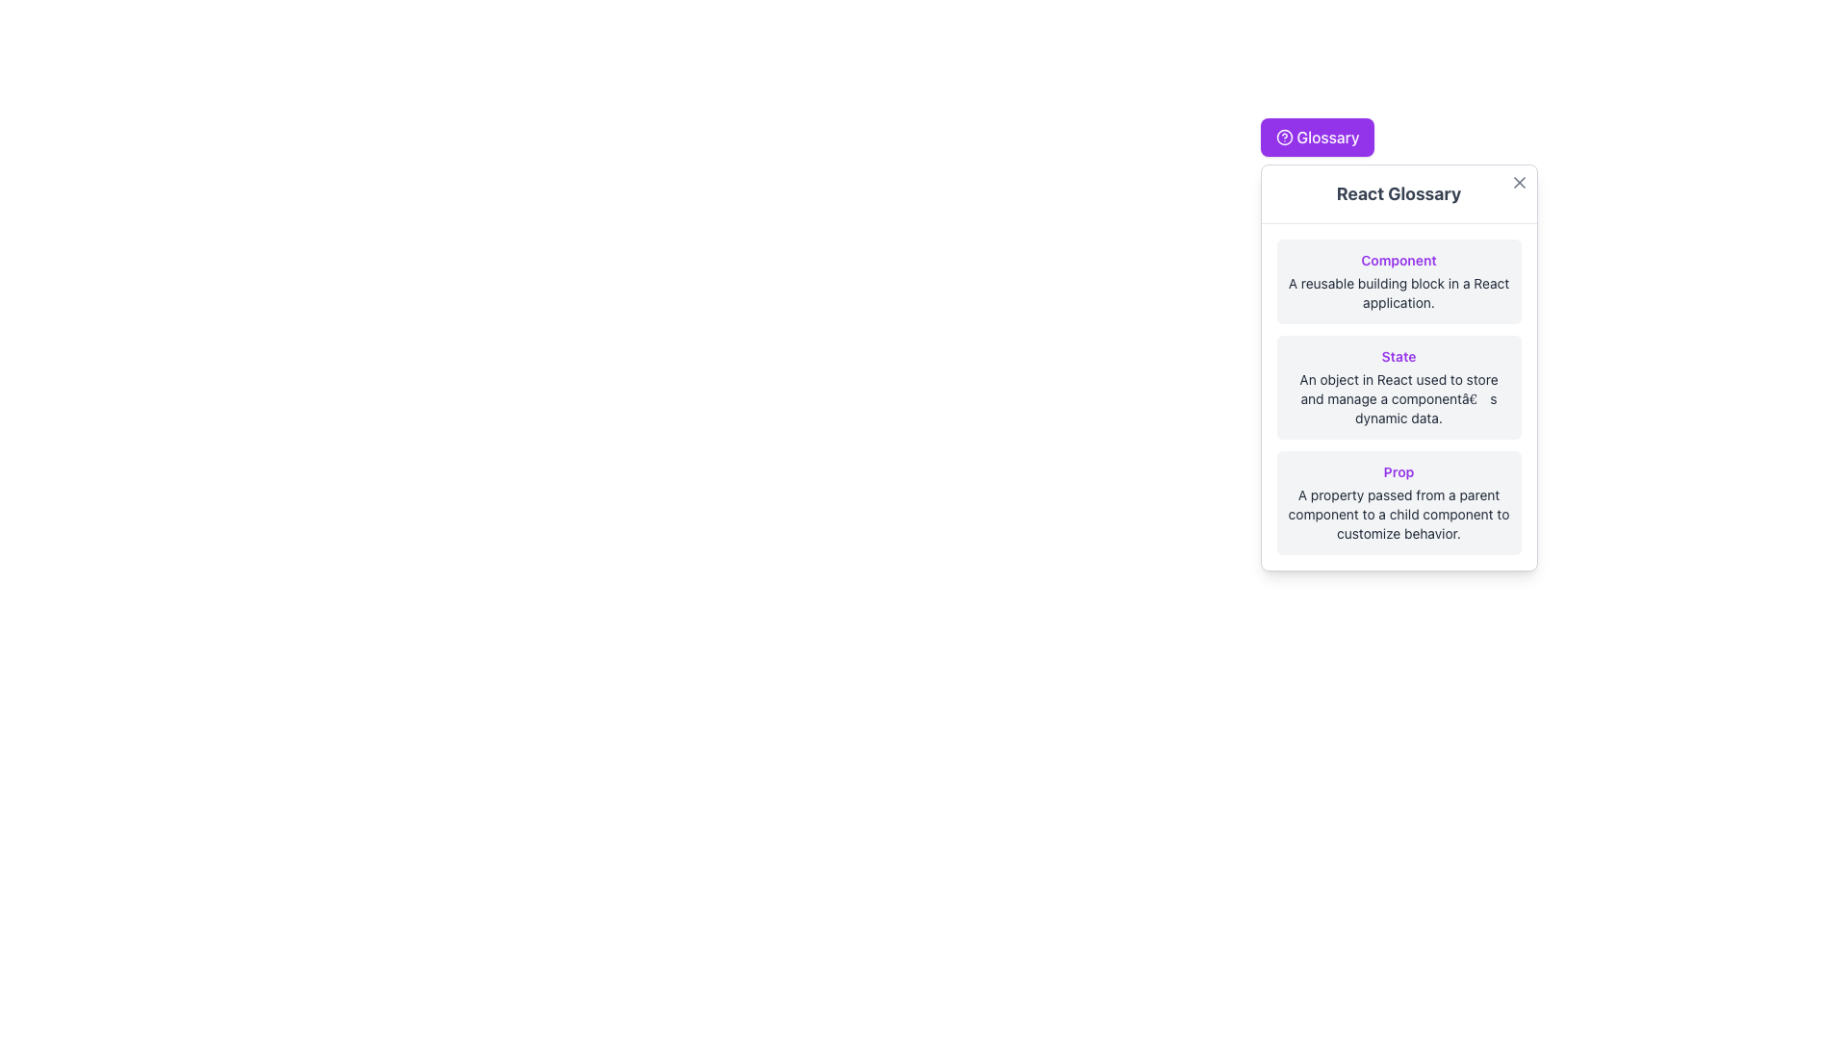  Describe the element at coordinates (1399, 387) in the screenshot. I see `the second Informative Card in the glossary section, which has a light gray background, rounded corners, and contains the heading 'State' in bold purple text` at that location.